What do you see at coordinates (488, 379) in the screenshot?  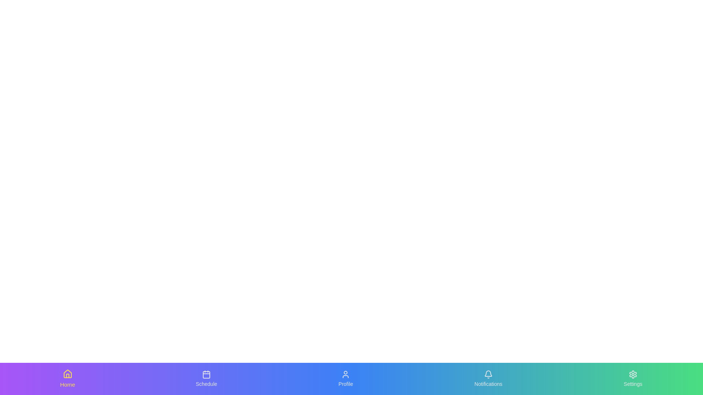 I see `the tab labeled Notifications` at bounding box center [488, 379].